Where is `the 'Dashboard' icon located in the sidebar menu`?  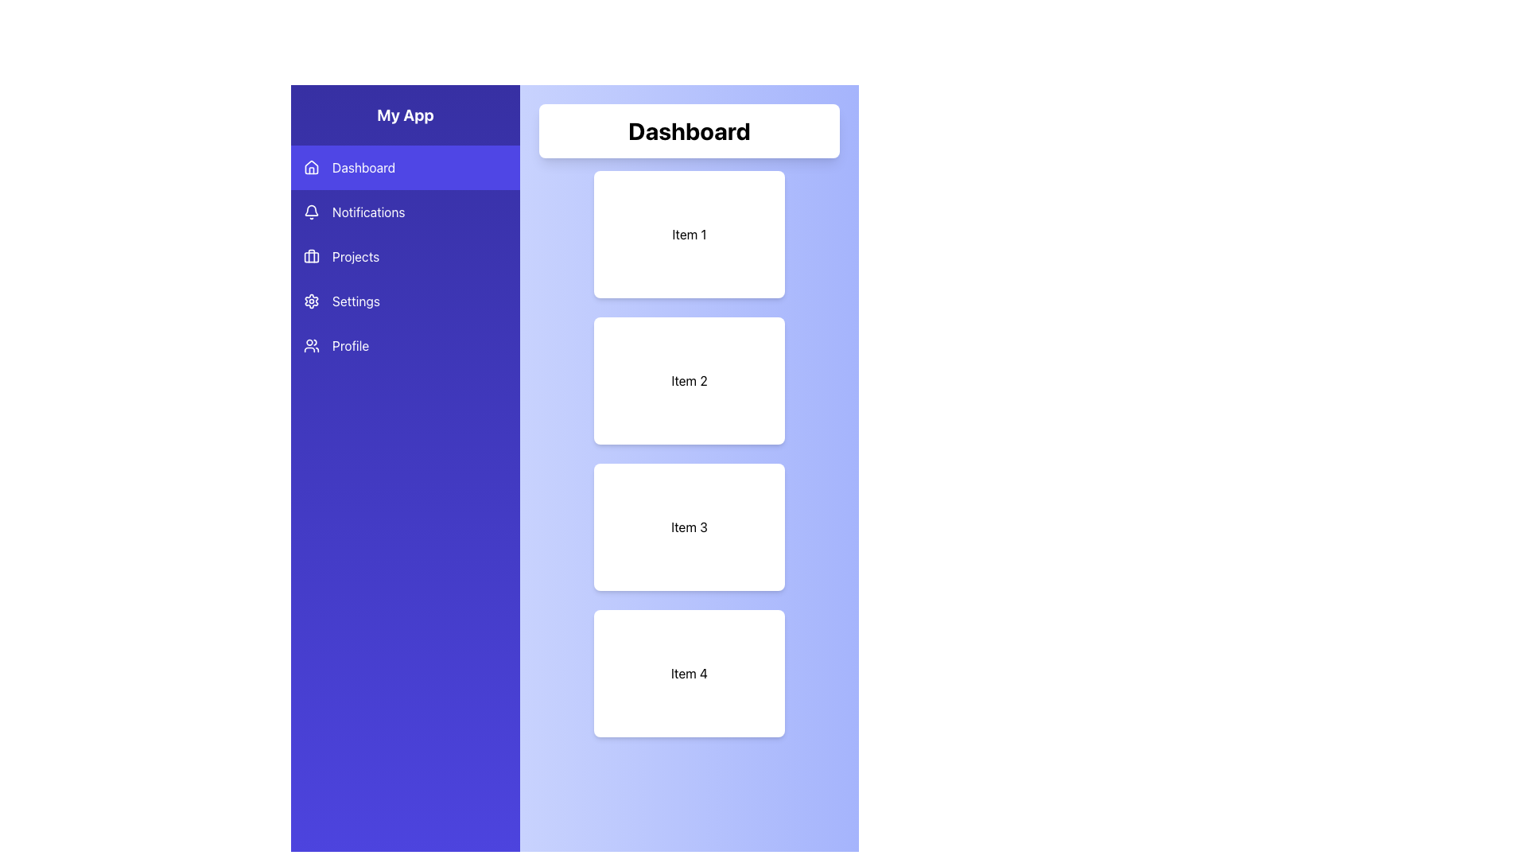
the 'Dashboard' icon located in the sidebar menu is located at coordinates (312, 168).